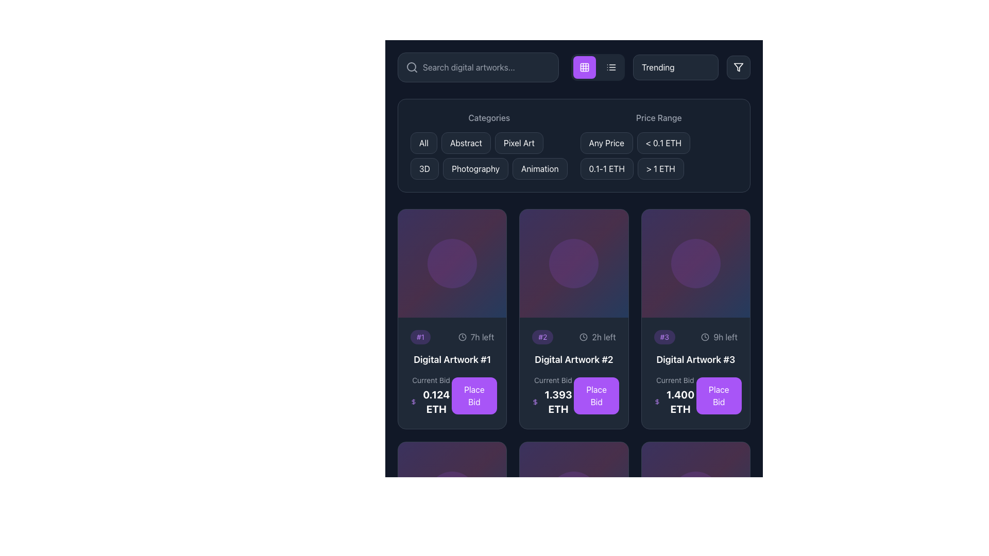 The width and height of the screenshot is (989, 556). What do you see at coordinates (552, 380) in the screenshot?
I see `'Current Bid' text label, which is styled in a smaller gray font and located above the numeric bid amount in ETH` at bounding box center [552, 380].